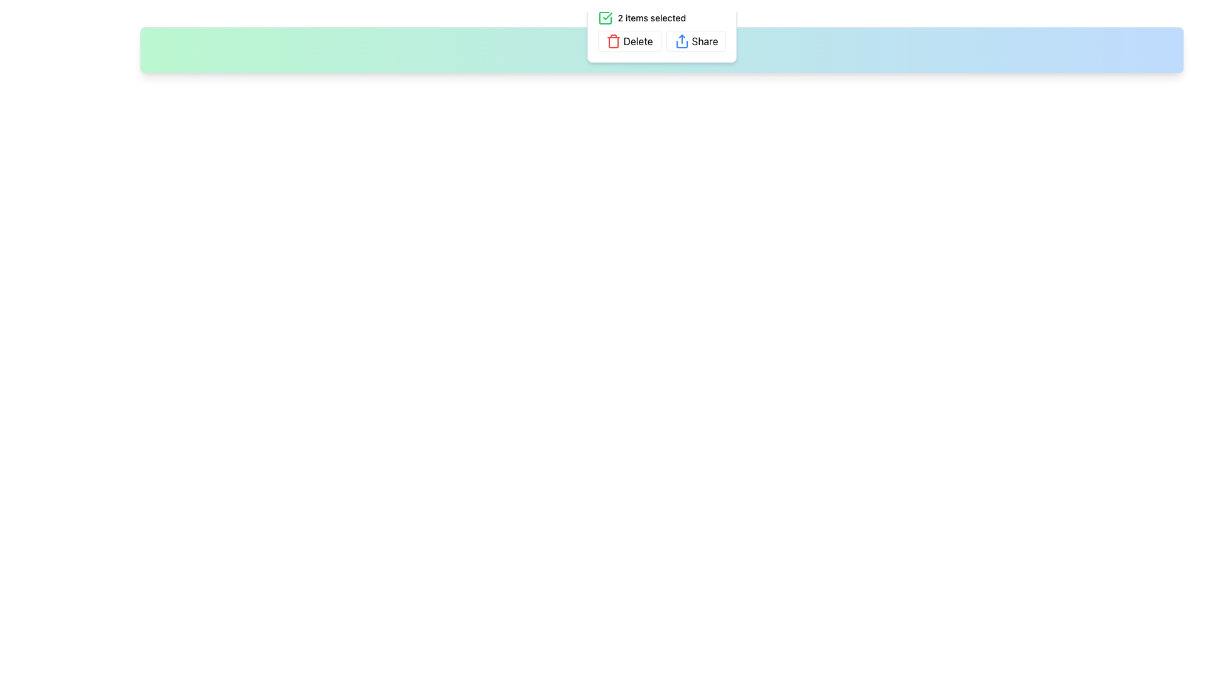 The width and height of the screenshot is (1206, 678). What do you see at coordinates (681, 40) in the screenshot?
I see `the 'Share' button located at the top-right of the toolbar, which features an icon indicating the action of sharing content` at bounding box center [681, 40].